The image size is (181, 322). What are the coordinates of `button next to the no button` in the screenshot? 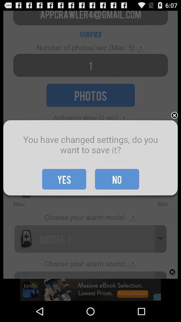 It's located at (64, 179).